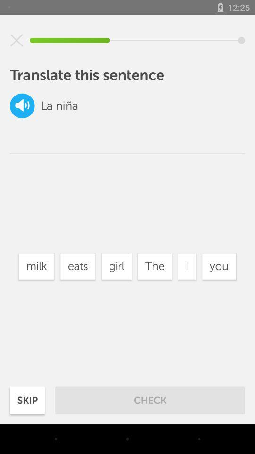 This screenshot has width=255, height=454. I want to click on you item, so click(219, 267).